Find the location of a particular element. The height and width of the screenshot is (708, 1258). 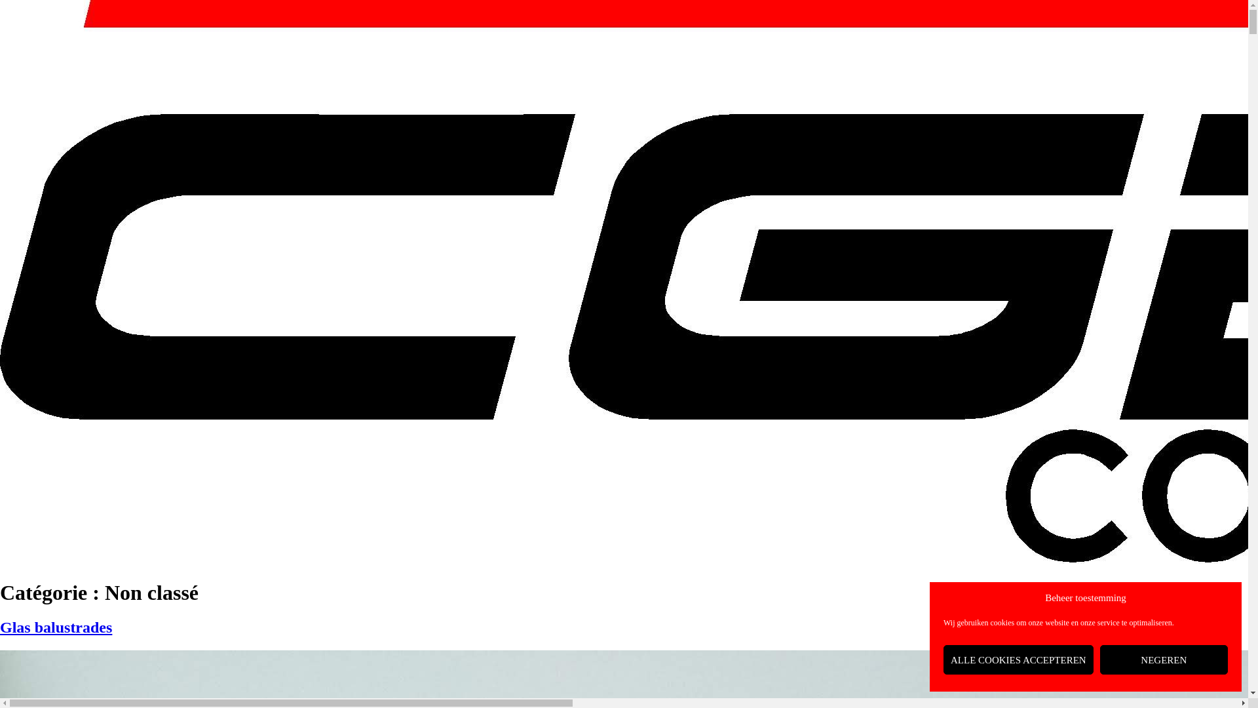

'ALLE COOKIES ACCEPTEREN' is located at coordinates (943, 659).